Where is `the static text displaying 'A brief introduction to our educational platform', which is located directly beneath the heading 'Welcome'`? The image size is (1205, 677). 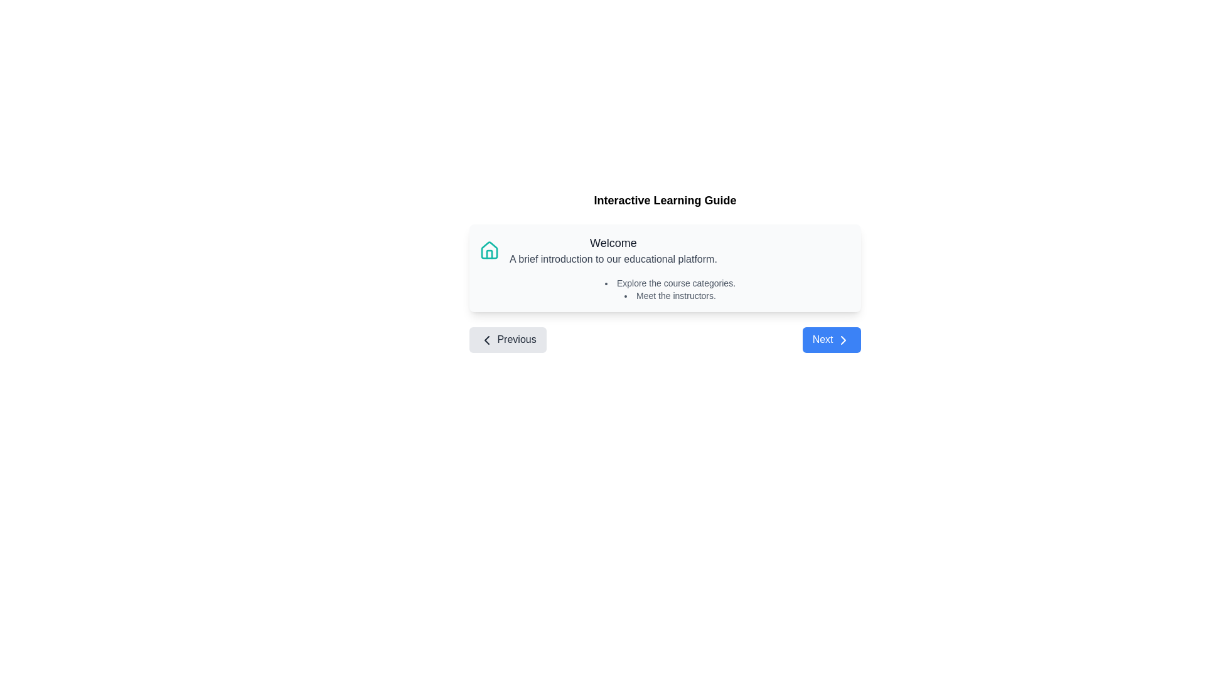 the static text displaying 'A brief introduction to our educational platform', which is located directly beneath the heading 'Welcome' is located at coordinates (613, 258).